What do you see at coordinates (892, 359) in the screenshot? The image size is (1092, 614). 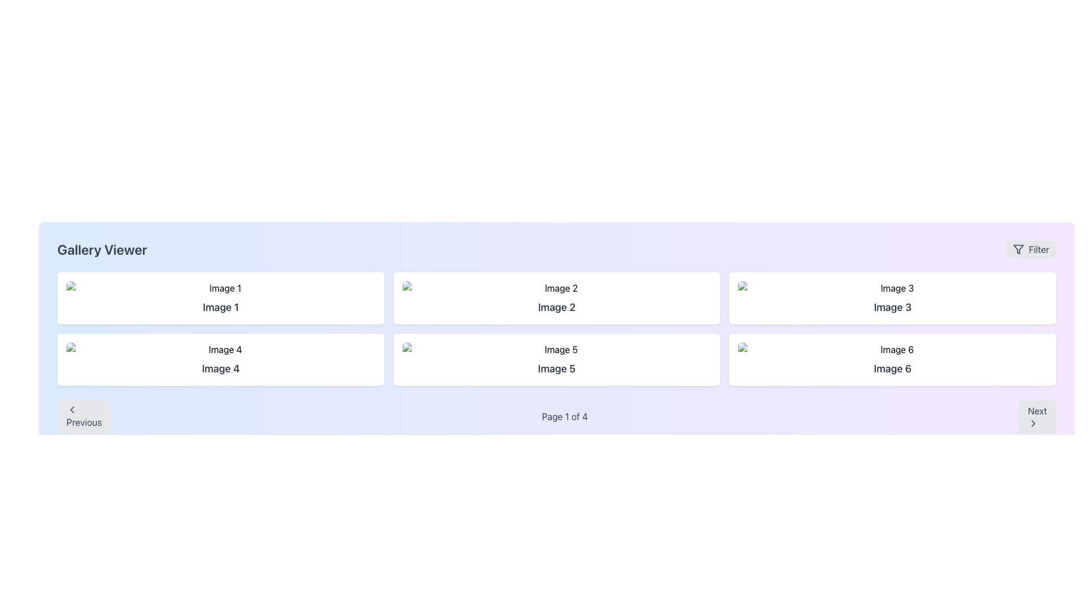 I see `the card component with a white background and rounded corners, featuring an image placeholder labeled 'Image 6' below it, located in the bottom-right corner of the grid` at bounding box center [892, 359].